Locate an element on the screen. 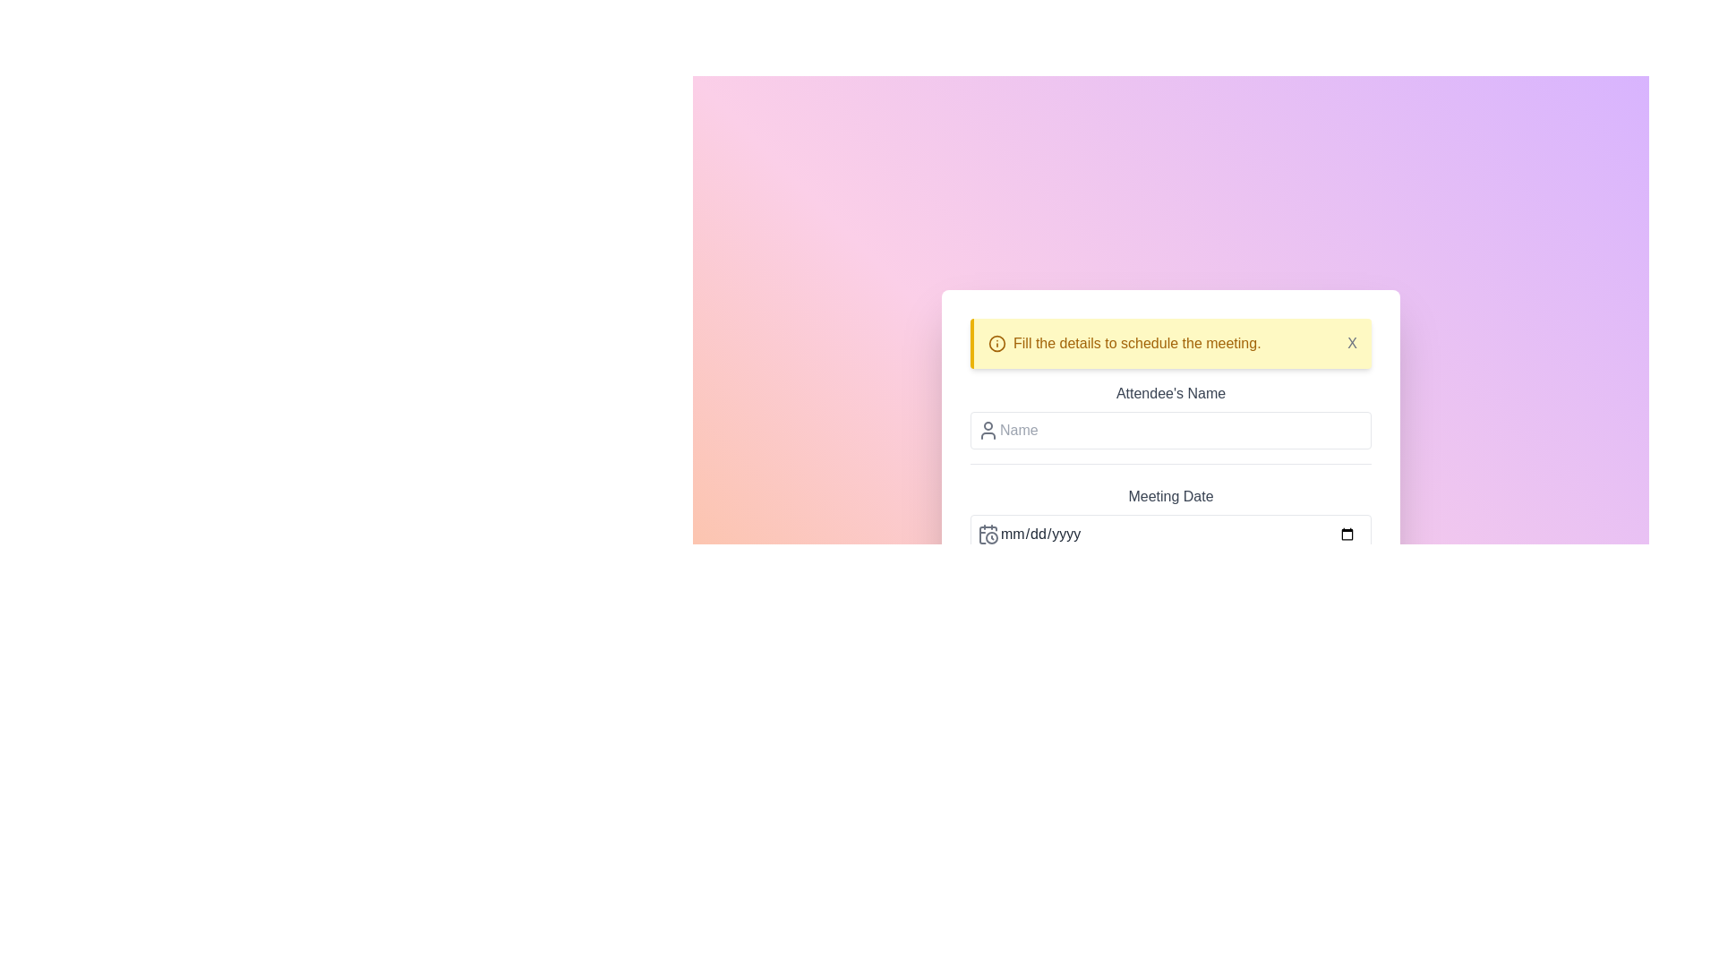  the small gray 'X' button located on the far right of the notification banner is located at coordinates (1352, 344).